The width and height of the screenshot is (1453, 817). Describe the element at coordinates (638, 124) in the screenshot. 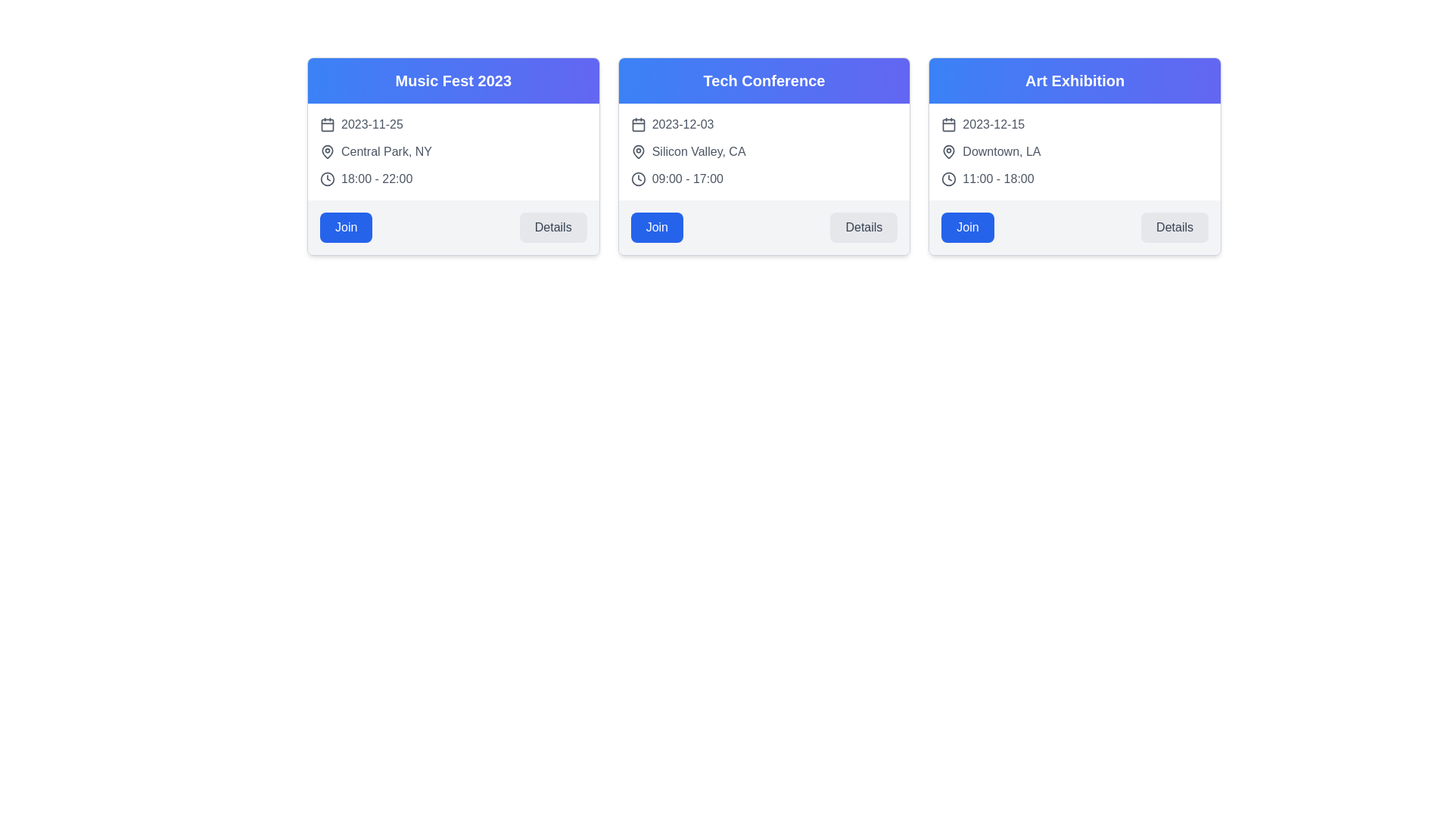

I see `the calendar icon located in the 'Tech Conference' section, which is directly to the left of the date '2023-12-03'` at that location.